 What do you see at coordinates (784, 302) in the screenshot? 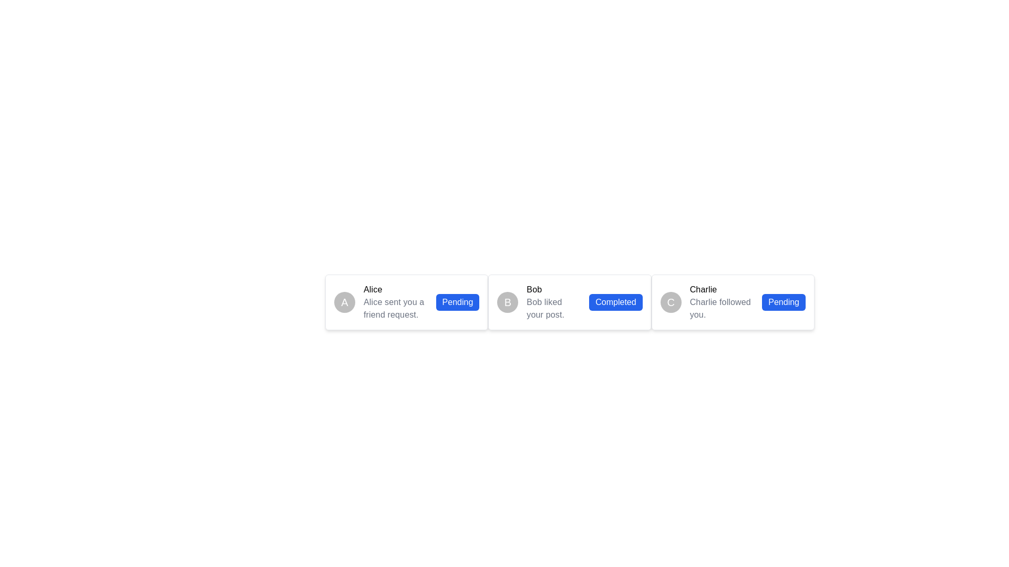
I see `the 'Pending' button, which is a rectangular button with rounded corners, vibrant blue background, and white text, located in the rightmost card adjacent` at bounding box center [784, 302].